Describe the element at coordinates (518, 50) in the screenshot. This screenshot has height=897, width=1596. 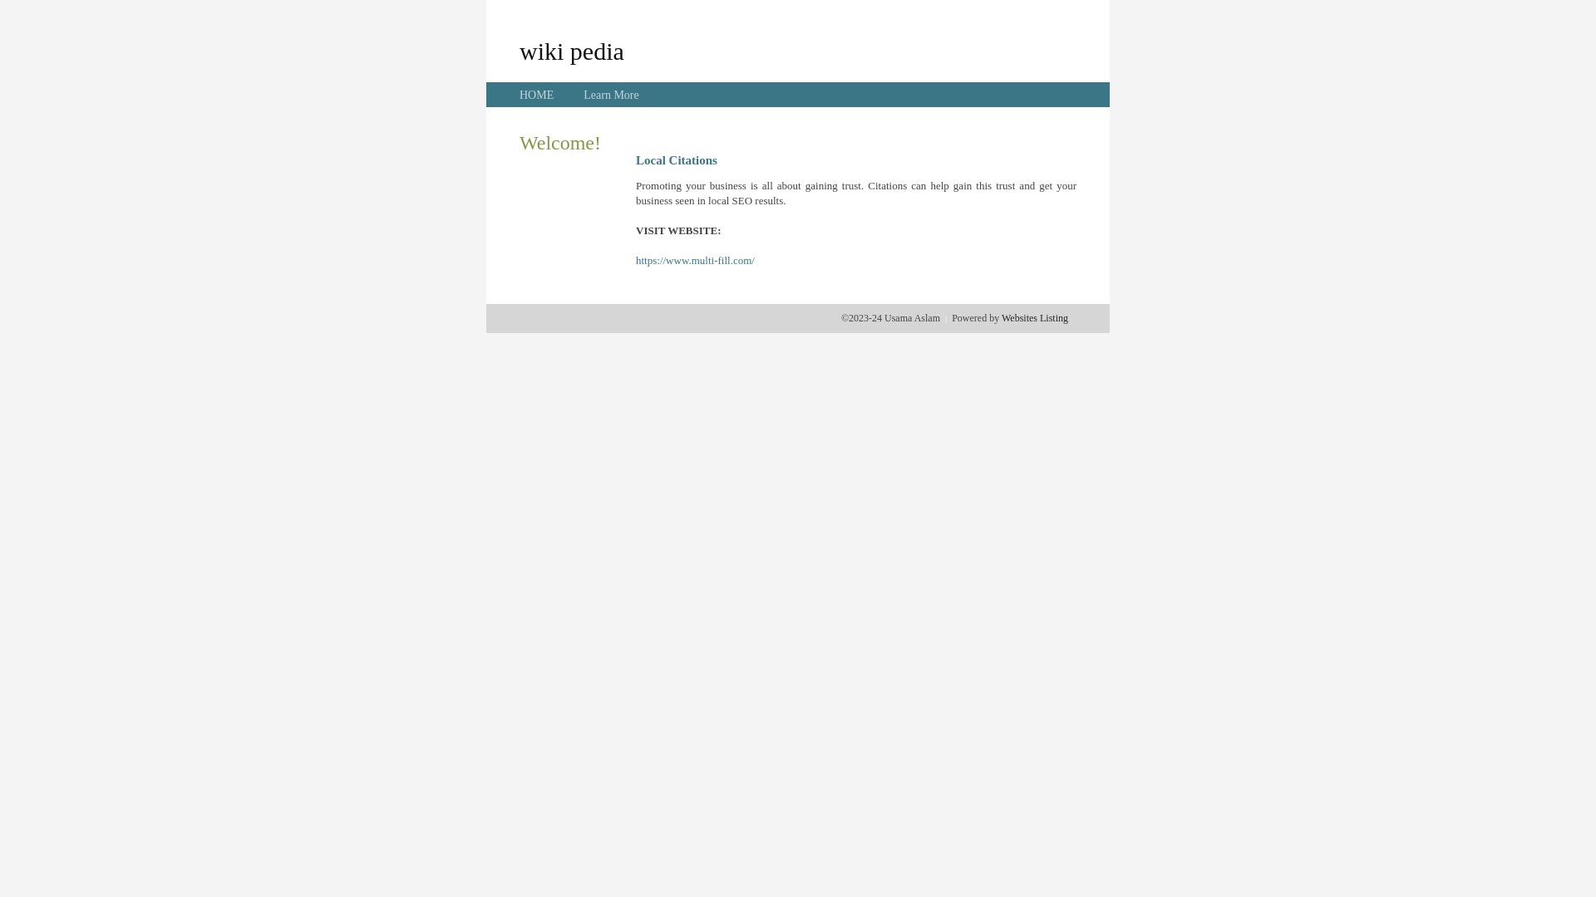
I see `'wiki pedia'` at that location.